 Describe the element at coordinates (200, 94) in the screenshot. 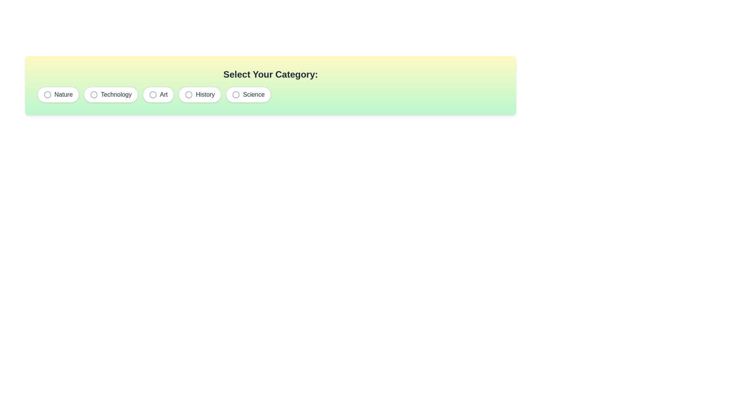

I see `the chip labeled History` at that location.